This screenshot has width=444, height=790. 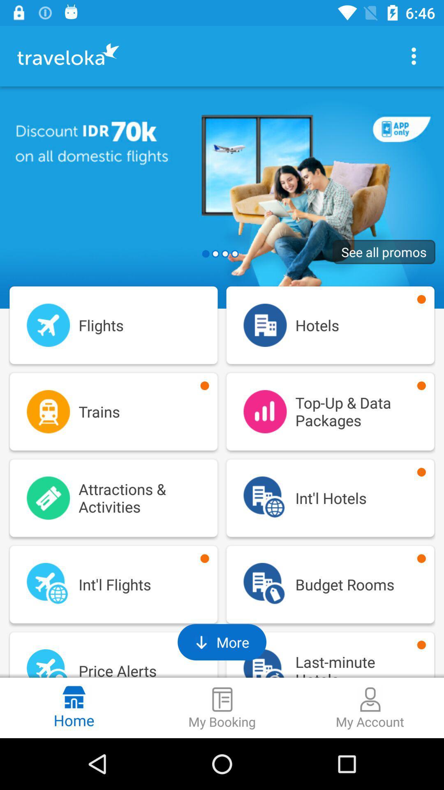 I want to click on page menu, so click(x=414, y=56).